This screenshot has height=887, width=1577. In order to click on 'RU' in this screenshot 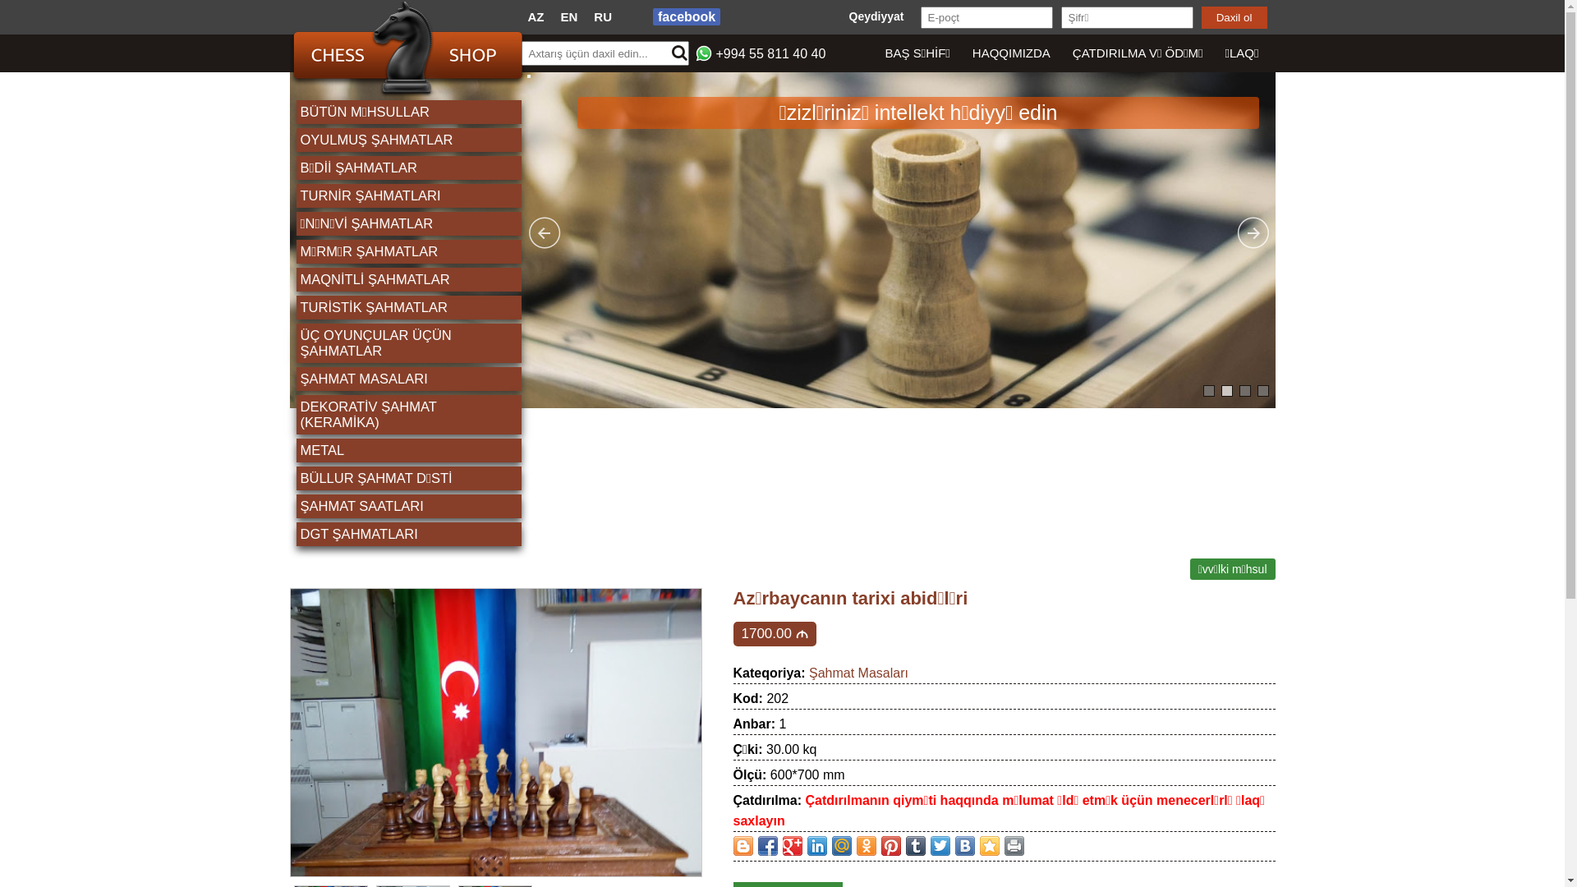, I will do `click(593, 16)`.